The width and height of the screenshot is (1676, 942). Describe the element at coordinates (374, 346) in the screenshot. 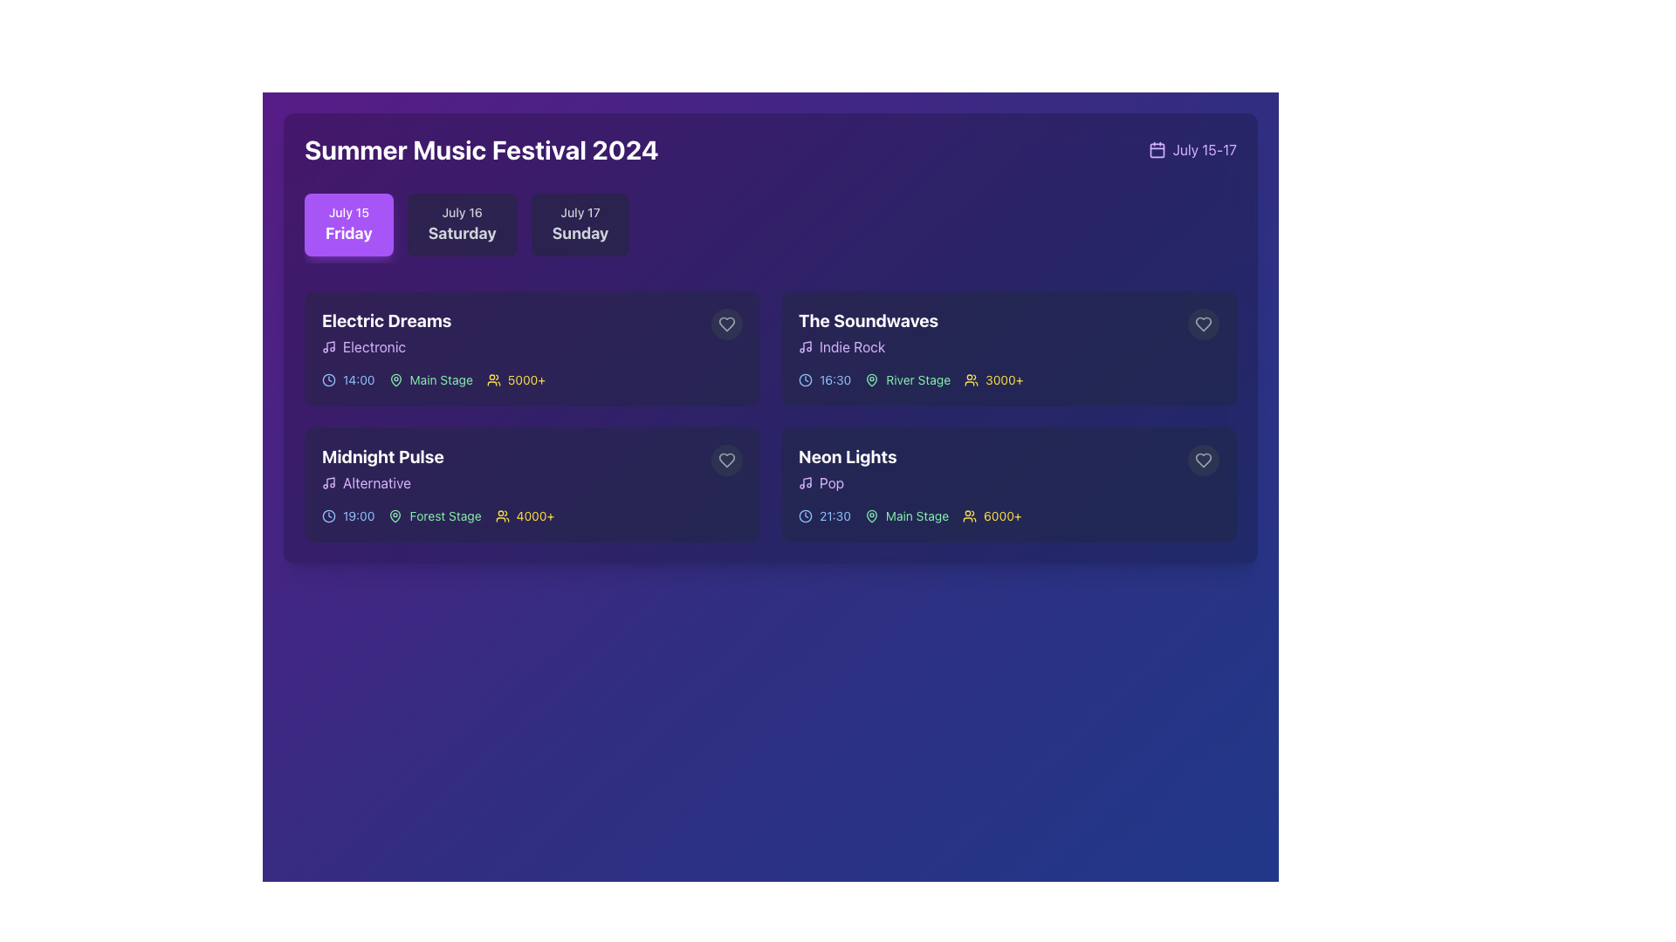

I see `text of the label indicating the music genre 'Electronic' associated with the 'Electric Dreams' event, located in the 'July 15 Friday' section` at that location.